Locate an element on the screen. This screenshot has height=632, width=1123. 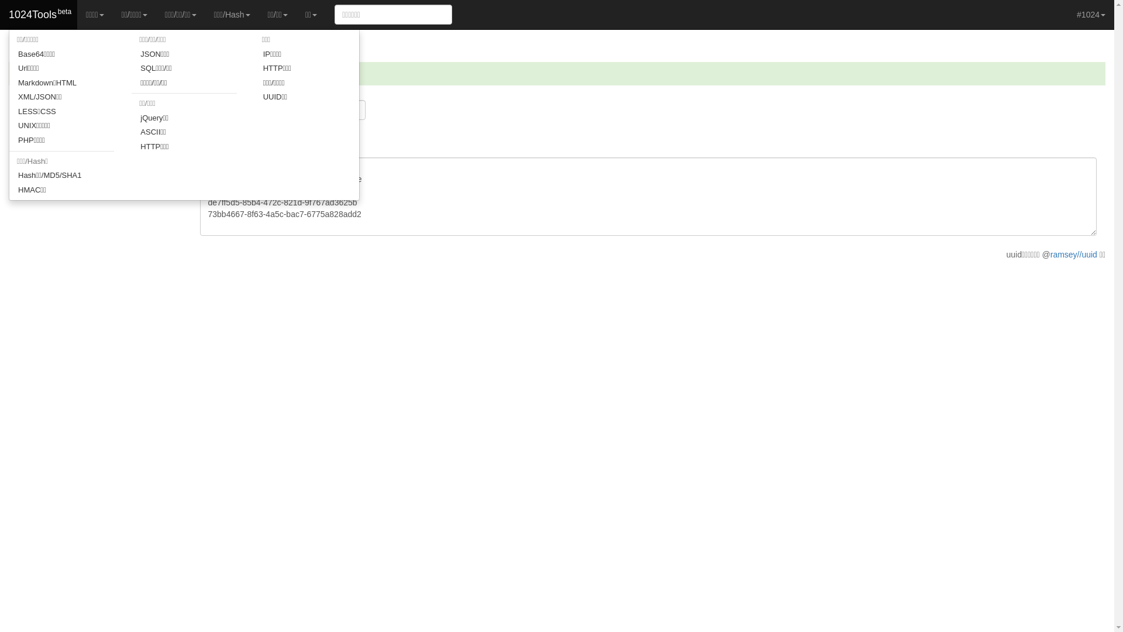
'1024Tools' is located at coordinates (39, 14).